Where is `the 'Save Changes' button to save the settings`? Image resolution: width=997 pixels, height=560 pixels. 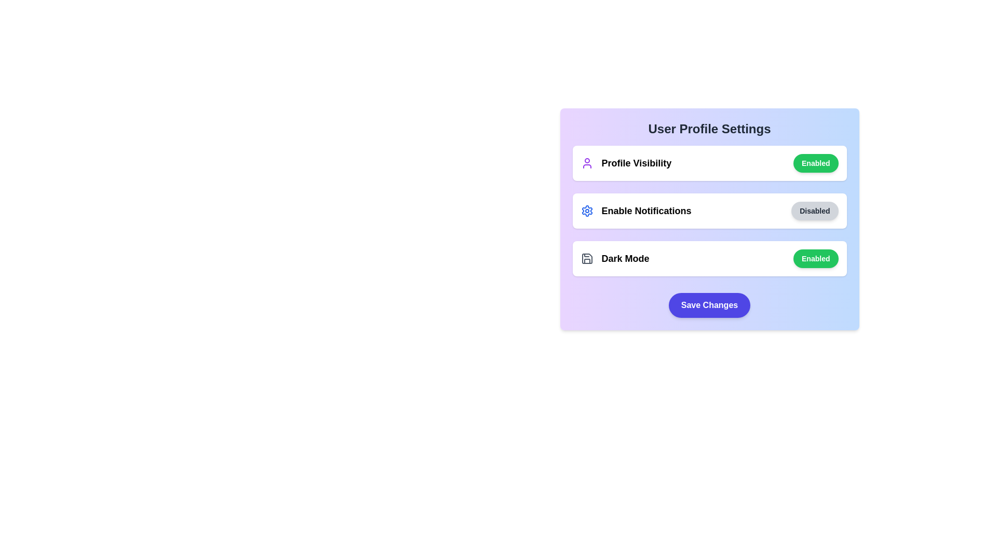 the 'Save Changes' button to save the settings is located at coordinates (709, 305).